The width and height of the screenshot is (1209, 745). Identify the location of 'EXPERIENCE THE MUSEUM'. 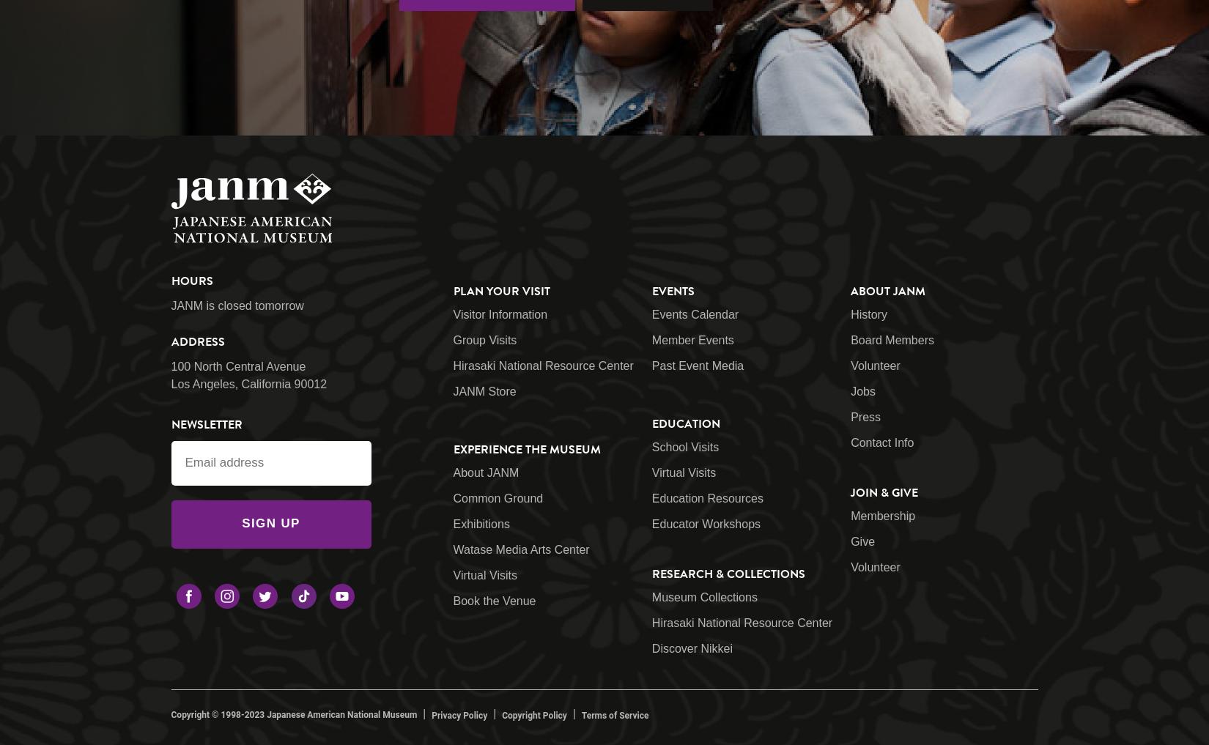
(525, 448).